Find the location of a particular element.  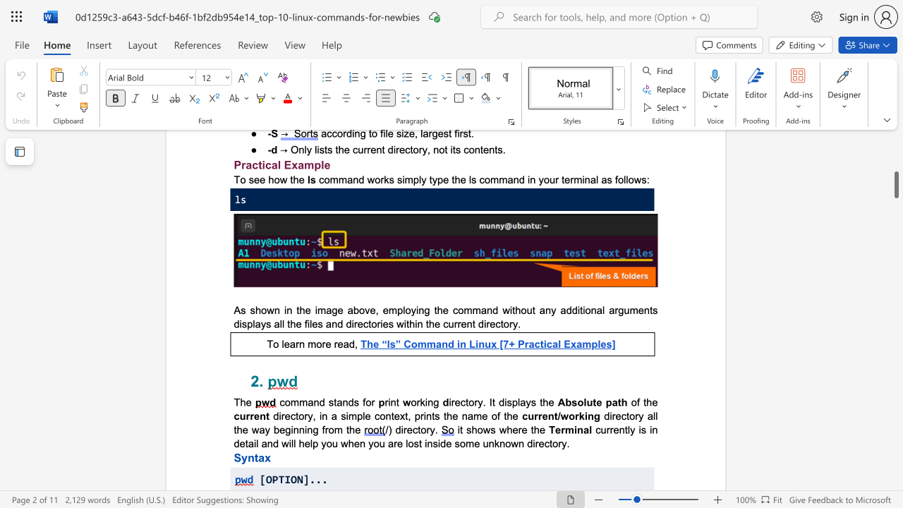

the 1th character "m" in the text is located at coordinates (633, 309).